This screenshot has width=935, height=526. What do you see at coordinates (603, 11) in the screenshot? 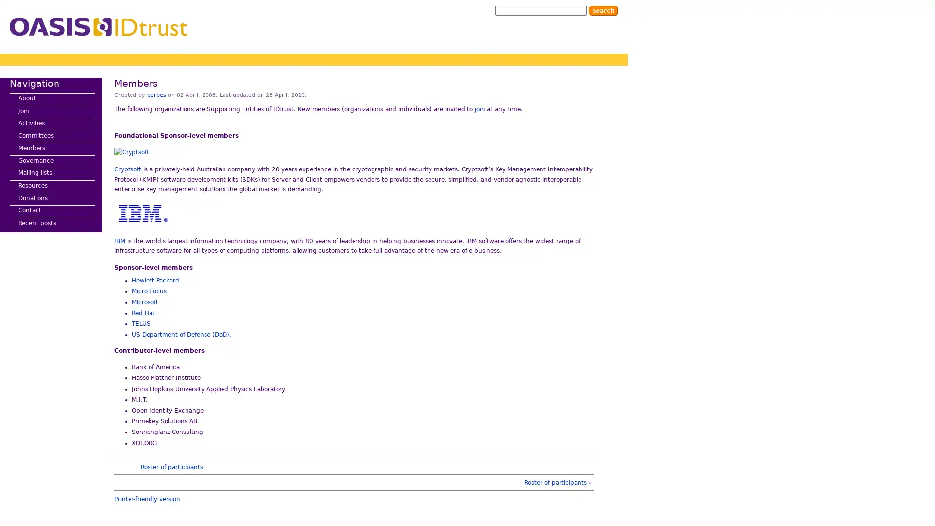
I see `Search` at bounding box center [603, 11].